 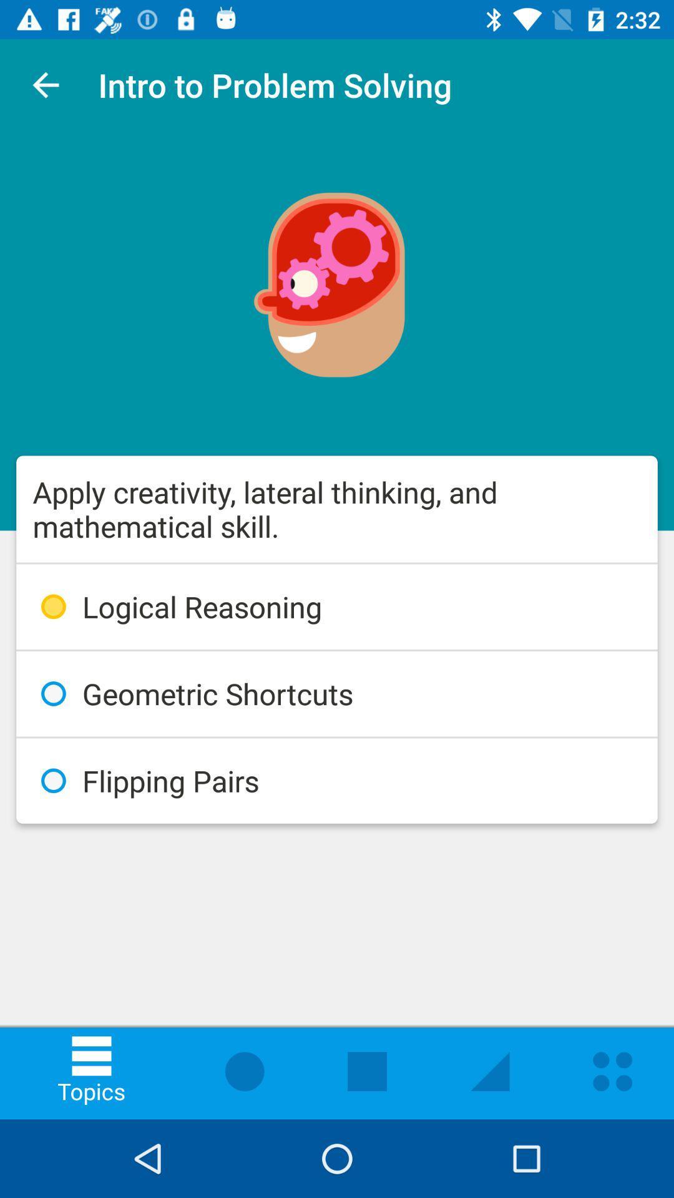 I want to click on the icon above geometric shortcuts icon, so click(x=337, y=606).